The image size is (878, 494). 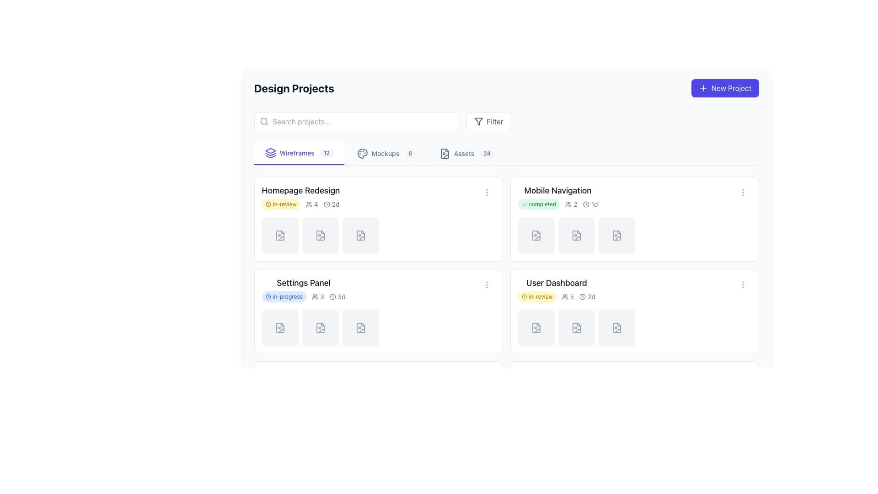 I want to click on the filtering icon located in the upper-central part of the layout, to the right of the category indicator, so click(x=478, y=121).